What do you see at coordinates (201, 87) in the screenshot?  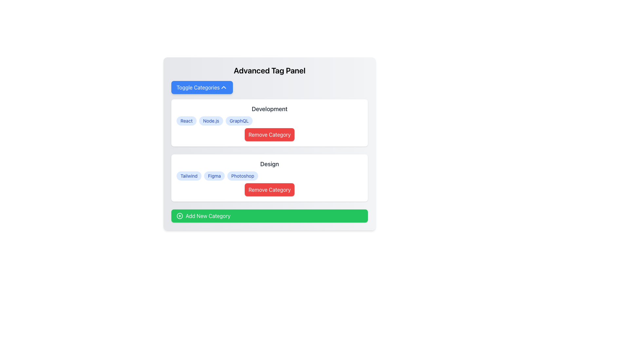 I see `the blue 'Toggle Categories' button with rounded corners located in the 'Advanced Tag Panel' section` at bounding box center [201, 87].